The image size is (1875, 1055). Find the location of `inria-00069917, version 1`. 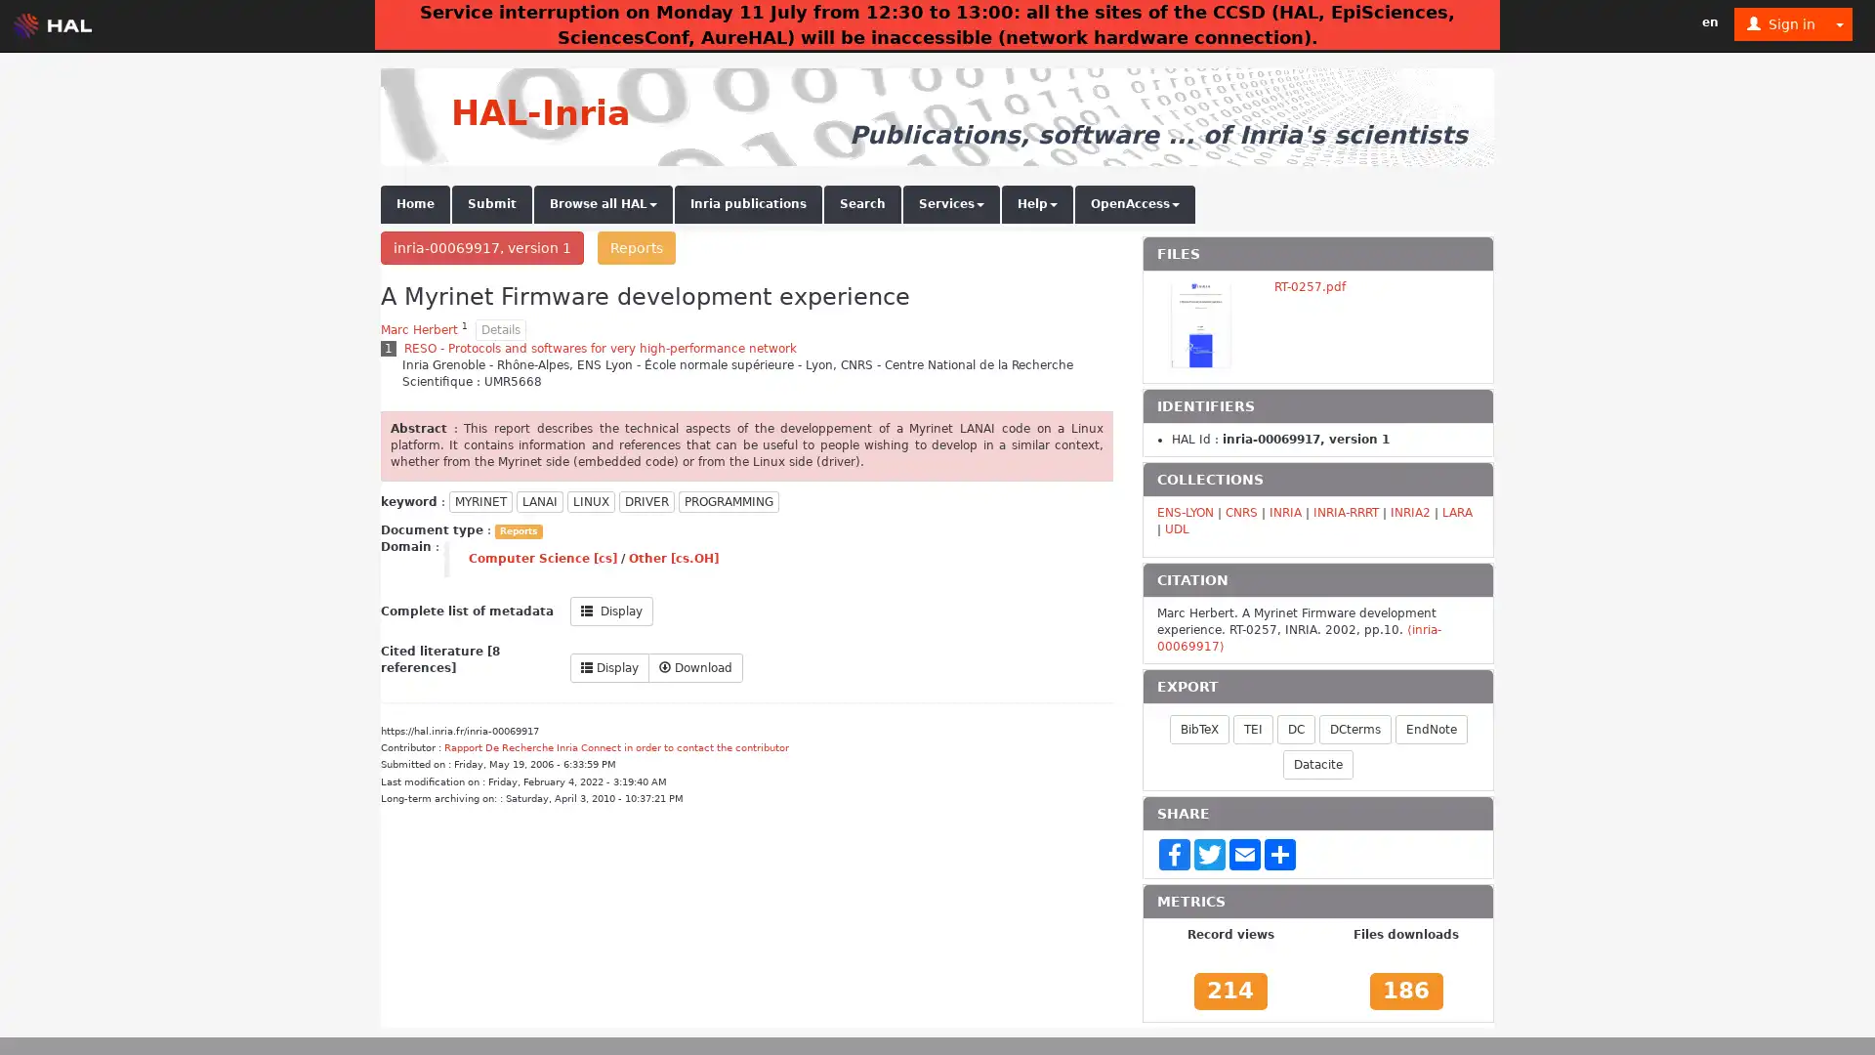

inria-00069917, version 1 is located at coordinates (482, 247).